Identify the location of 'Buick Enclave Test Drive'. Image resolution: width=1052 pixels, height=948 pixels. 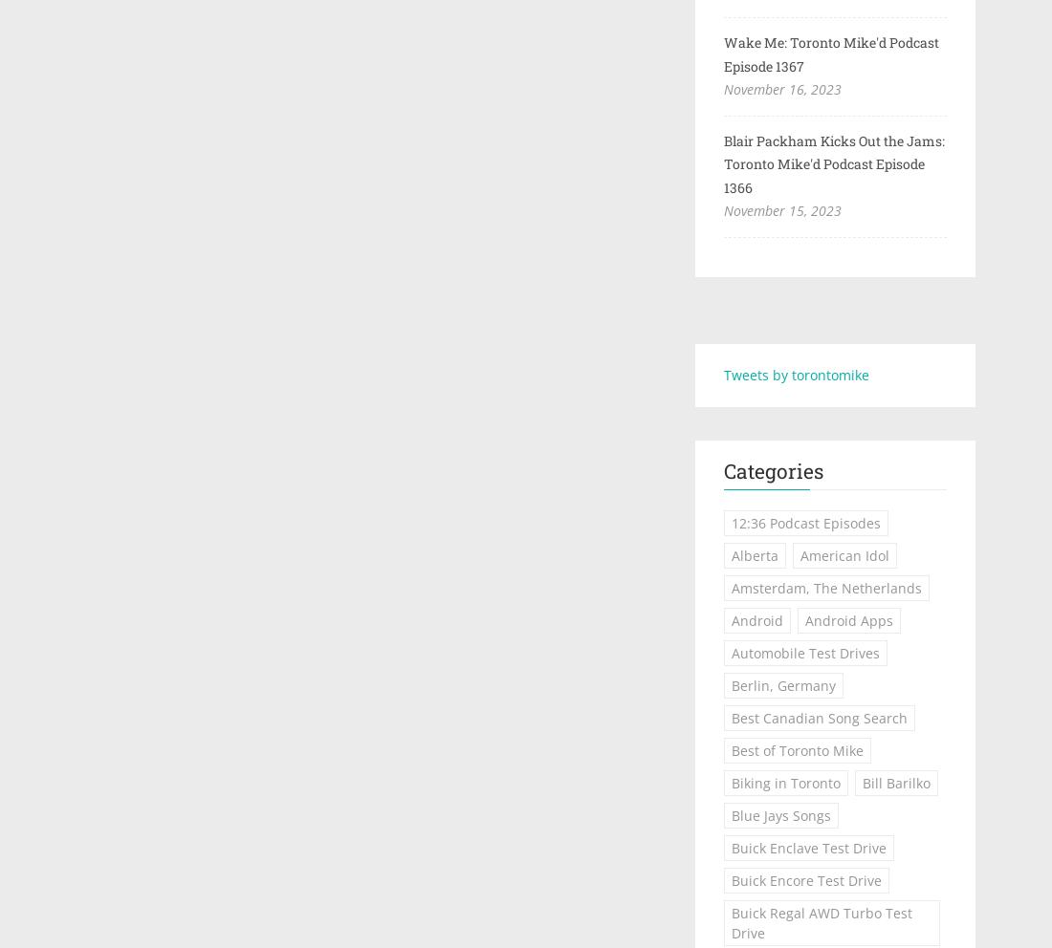
(807, 848).